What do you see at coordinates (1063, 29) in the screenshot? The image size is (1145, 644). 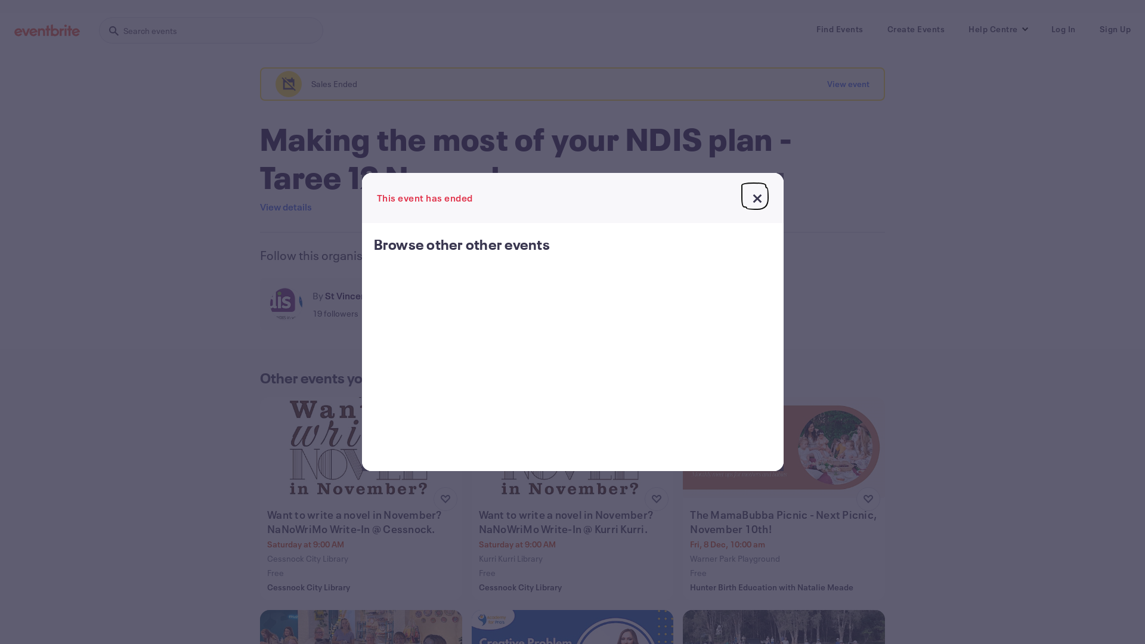 I see `'Log In'` at bounding box center [1063, 29].